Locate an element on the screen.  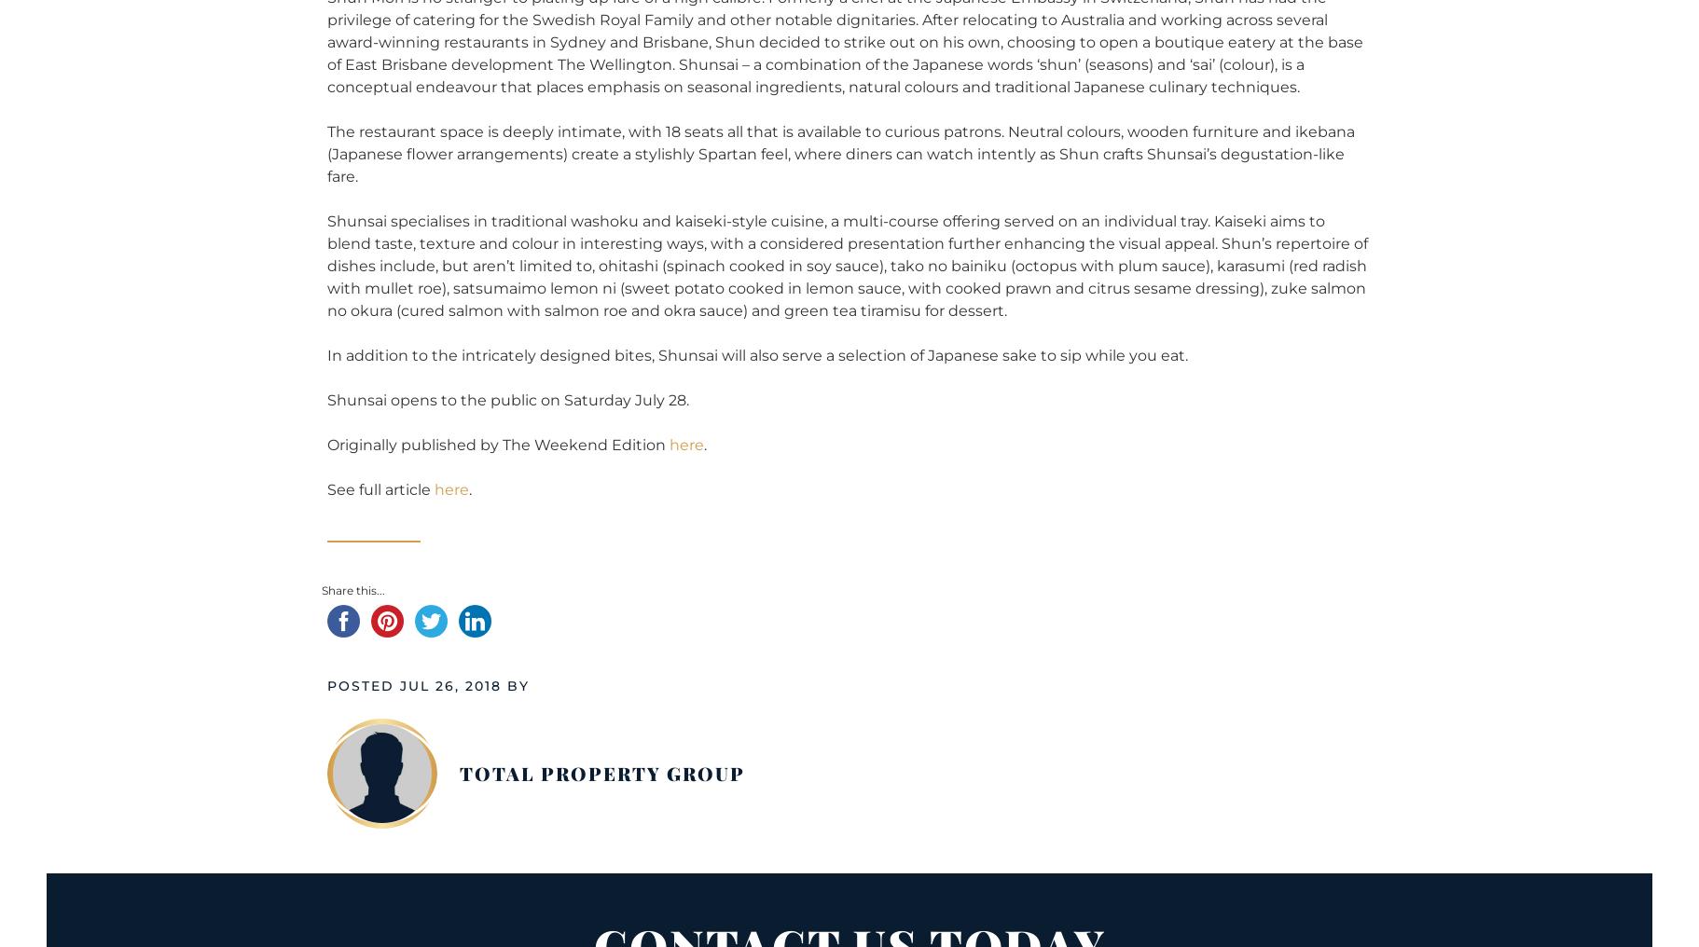
'Share this...' is located at coordinates (352, 589).